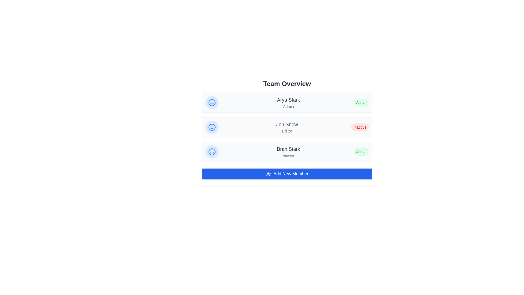 This screenshot has width=524, height=295. Describe the element at coordinates (361, 102) in the screenshot. I see `the 'Active' status indicator label, which is a pill-shaped component with bold green text on a light green background, located to the right of 'Arya Stark' in the team members list` at that location.